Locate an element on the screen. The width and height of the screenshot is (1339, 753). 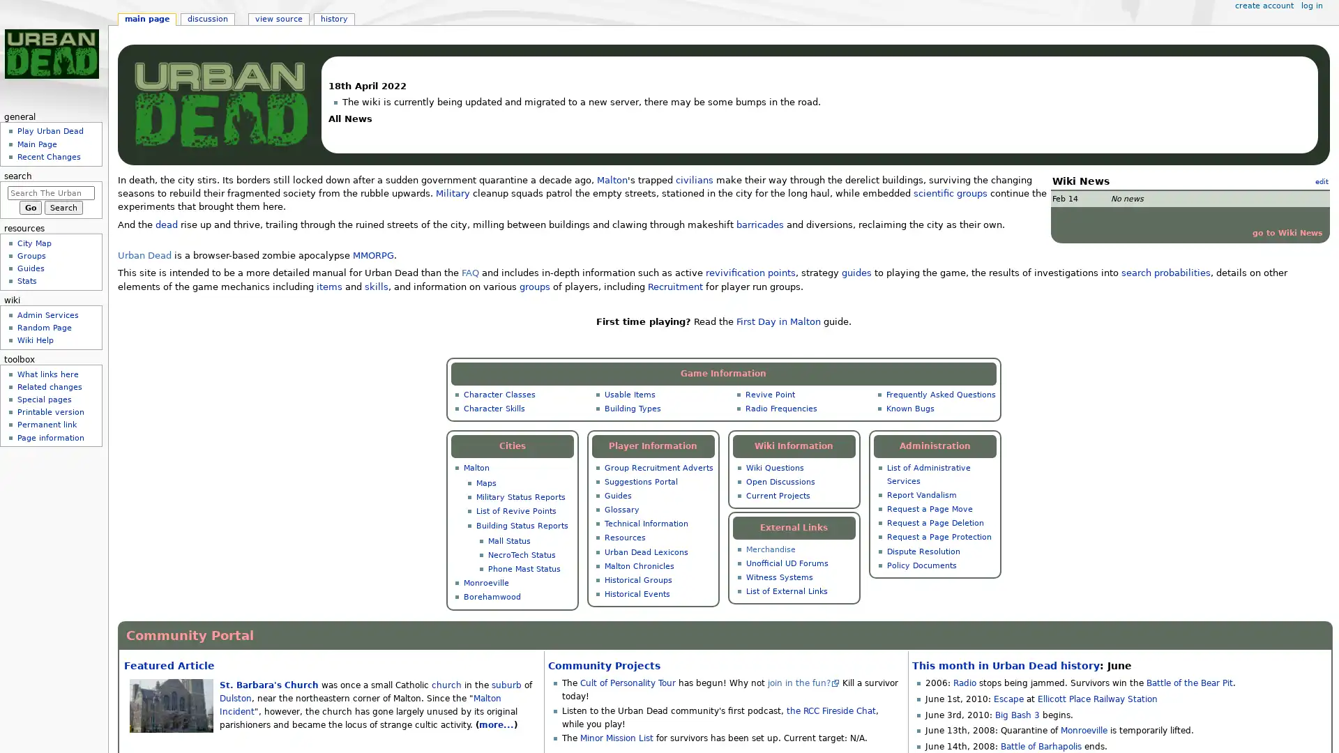
Search is located at coordinates (63, 207).